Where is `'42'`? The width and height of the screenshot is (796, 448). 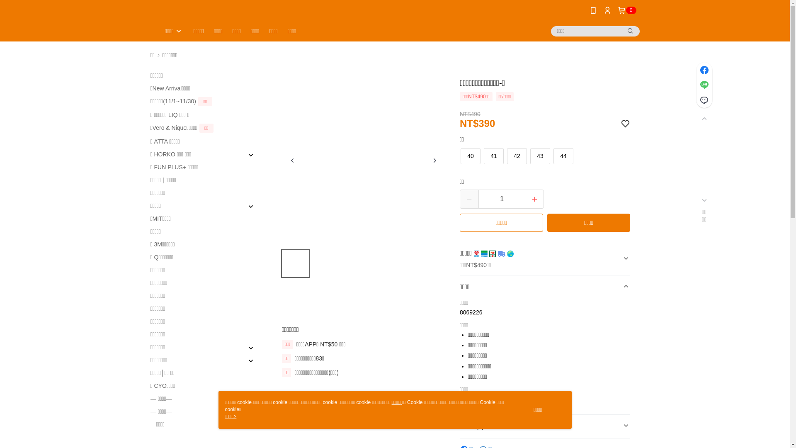 '42' is located at coordinates (517, 156).